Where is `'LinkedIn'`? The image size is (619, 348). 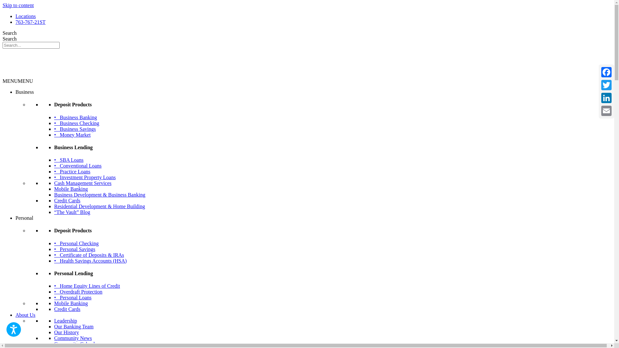
'LinkedIn' is located at coordinates (606, 98).